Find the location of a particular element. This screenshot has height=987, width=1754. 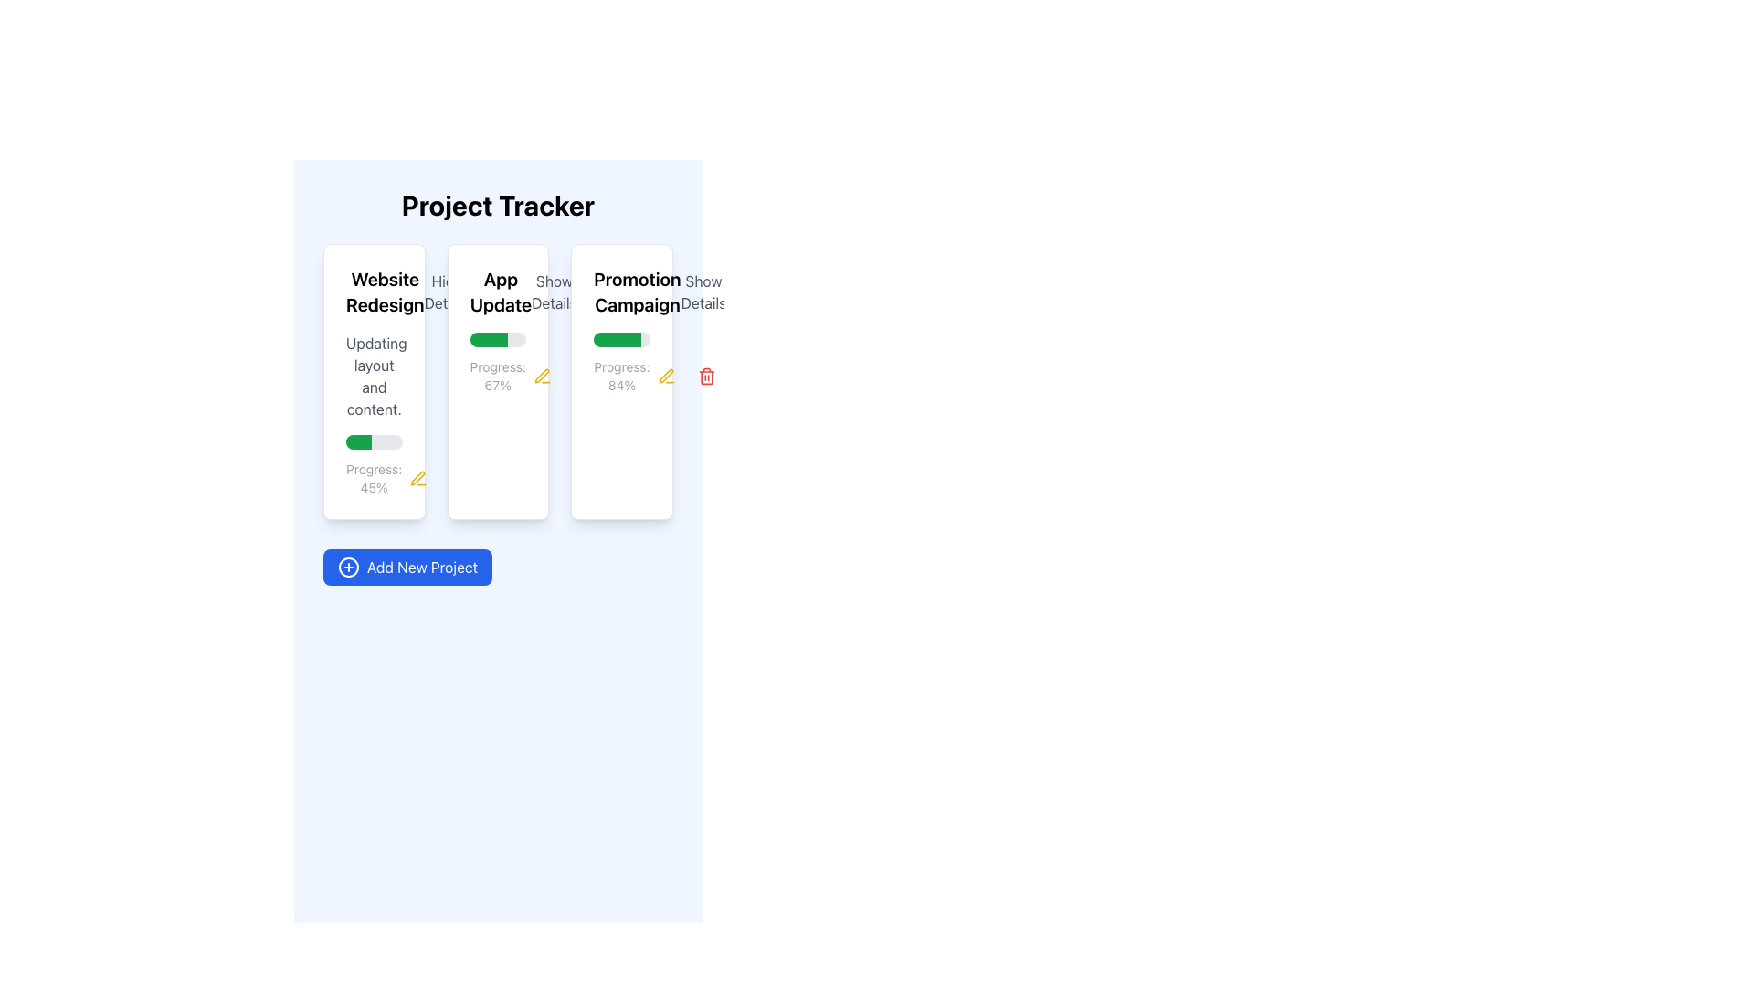

the green progress bar indicating the app update progress is located at coordinates (489, 339).